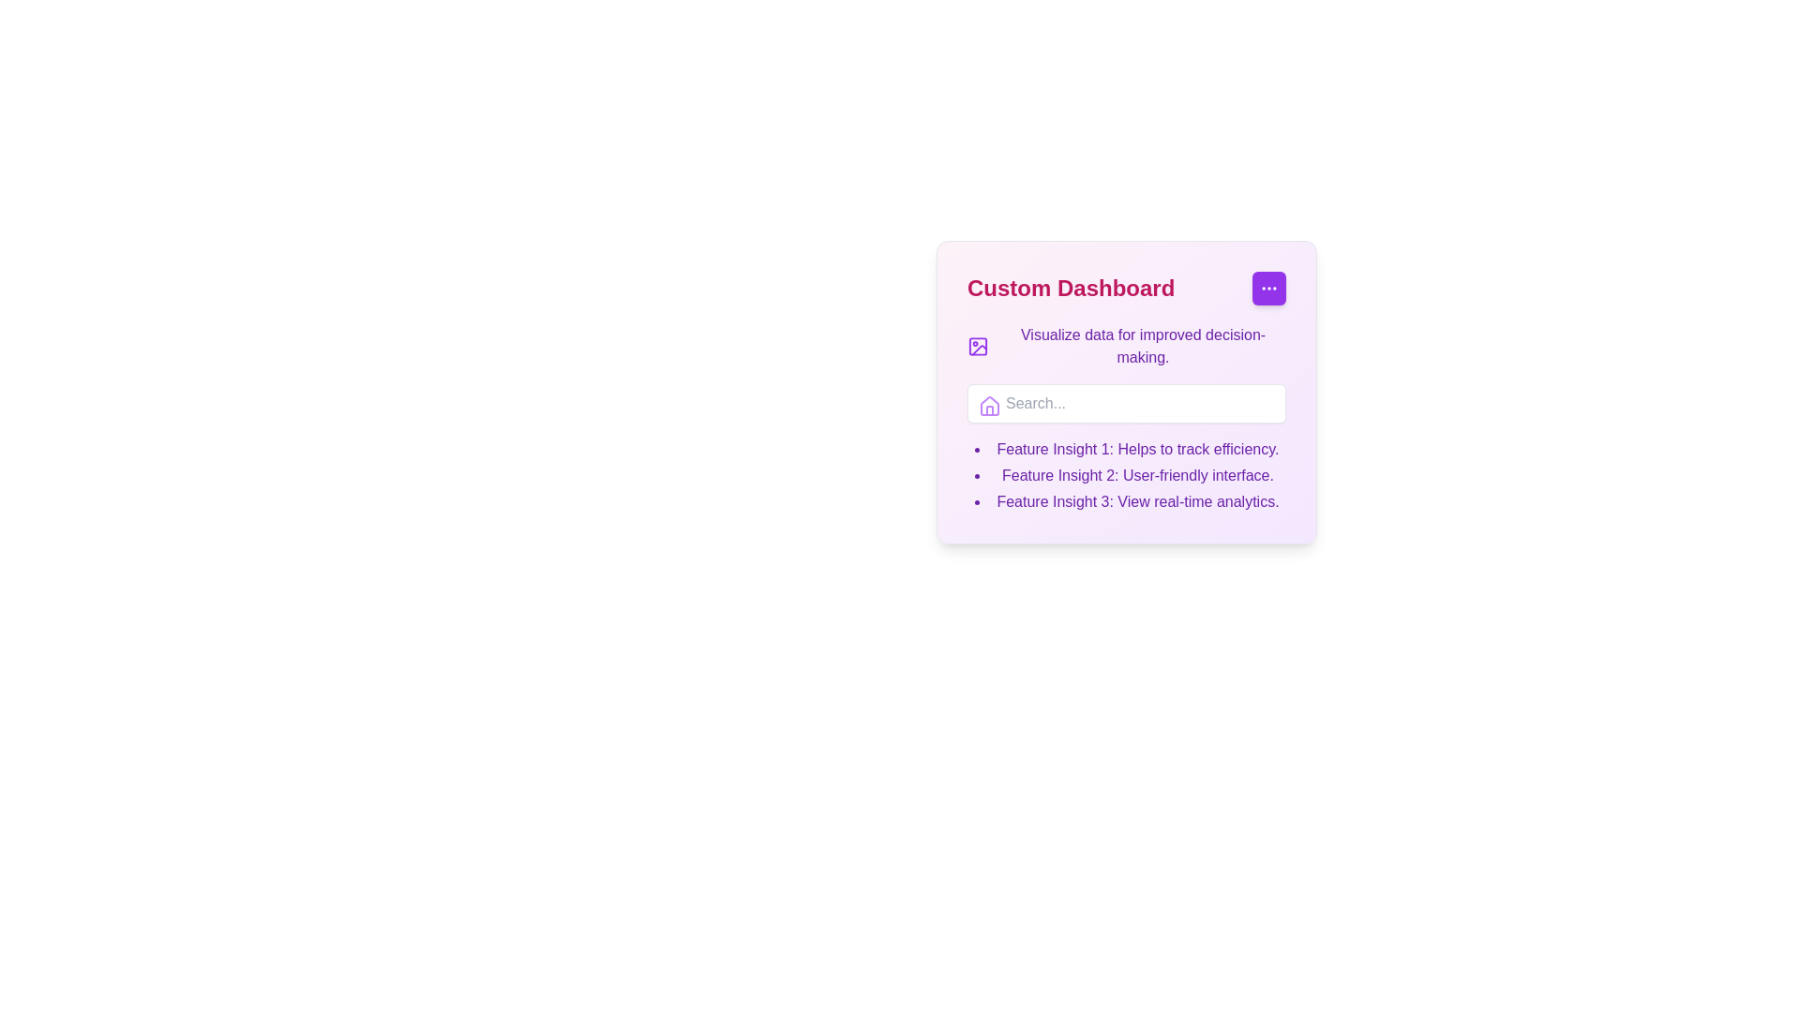 This screenshot has height=1012, width=1800. Describe the element at coordinates (1125, 347) in the screenshot. I see `the text label that reads 'Visualize data for improved decision-making.' which is displayed in a purple font and is positioned below the section title 'Custom Dashboard'` at that location.